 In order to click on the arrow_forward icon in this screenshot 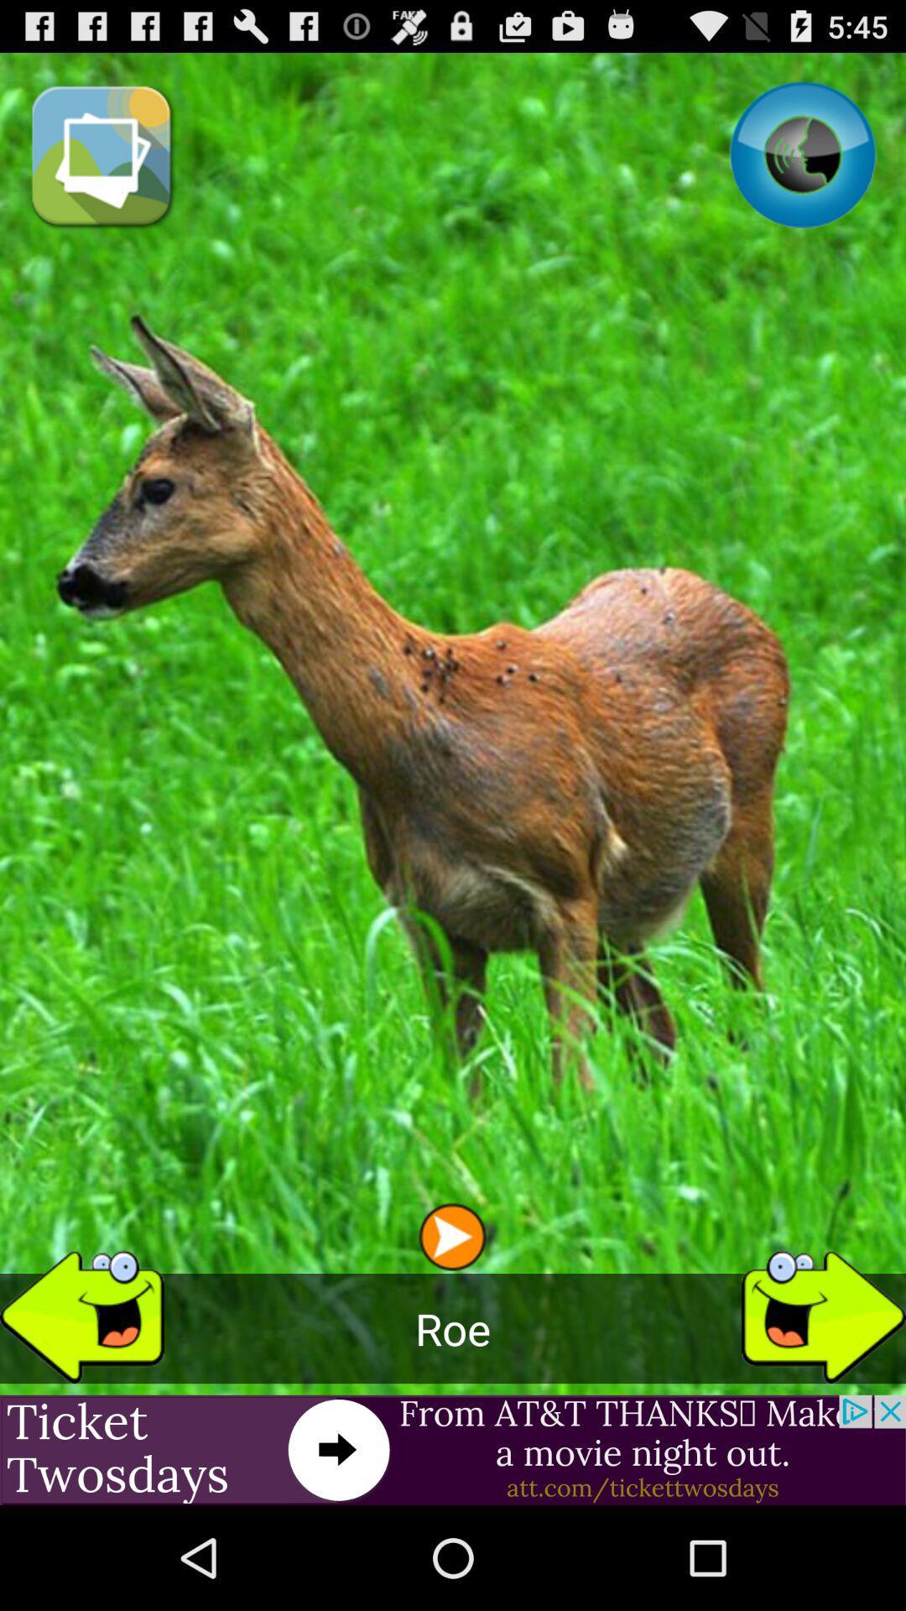, I will do `click(823, 1402)`.